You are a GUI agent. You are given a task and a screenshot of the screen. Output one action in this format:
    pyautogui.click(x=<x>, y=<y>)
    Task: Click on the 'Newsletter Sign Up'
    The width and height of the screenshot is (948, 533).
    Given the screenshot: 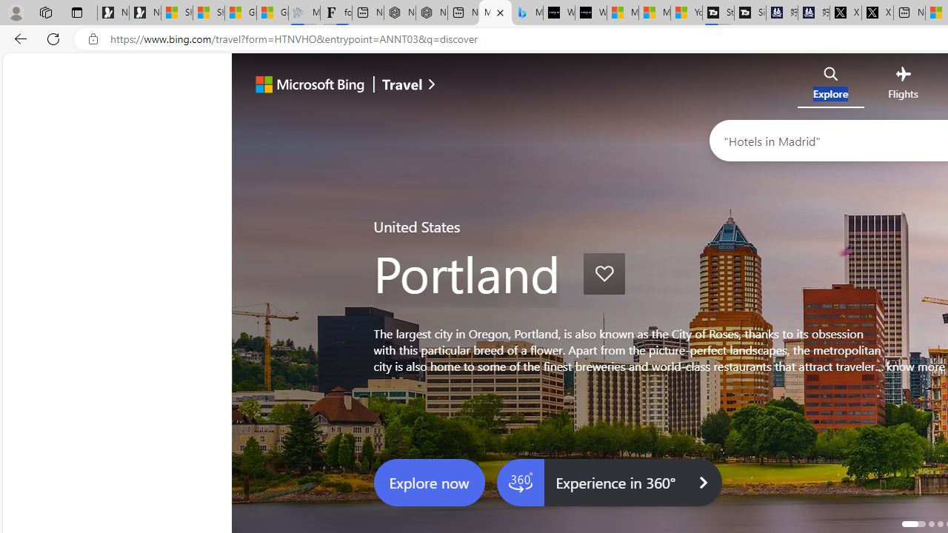 What is the action you would take?
    pyautogui.click(x=145, y=13)
    